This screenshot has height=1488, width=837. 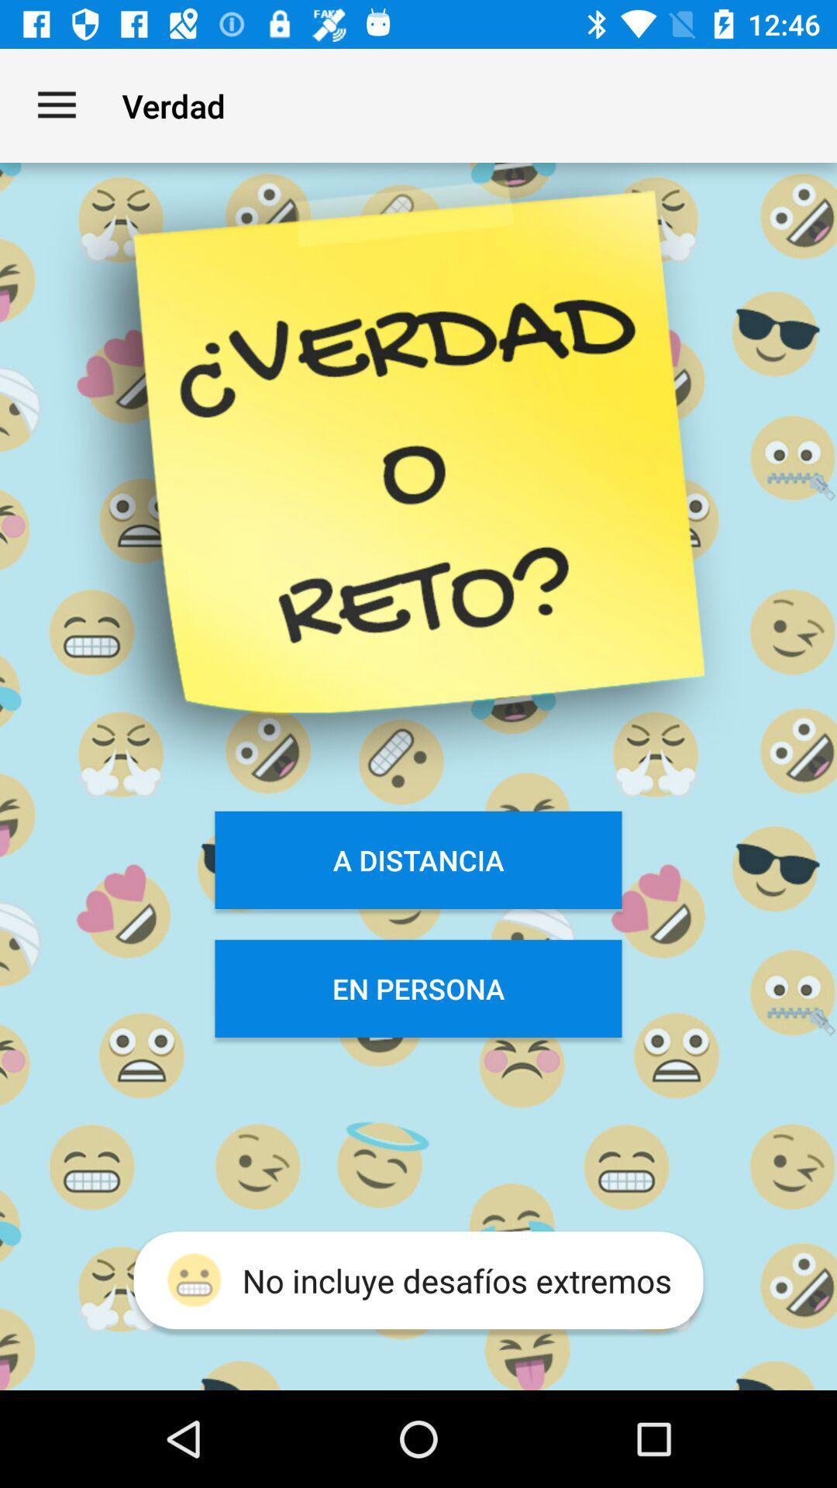 What do you see at coordinates (418, 859) in the screenshot?
I see `a distancia icon` at bounding box center [418, 859].